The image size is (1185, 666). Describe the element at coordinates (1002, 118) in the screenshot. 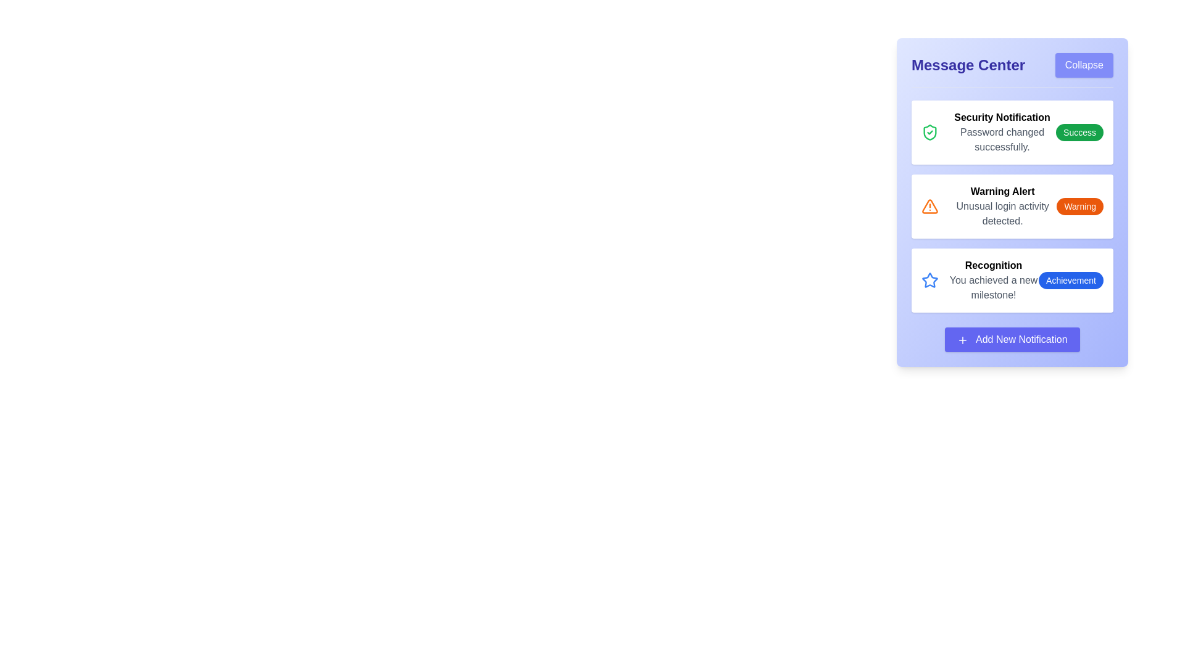

I see `the 'Security Notification' text label located at the top of the notification card in the Message Center section` at that location.